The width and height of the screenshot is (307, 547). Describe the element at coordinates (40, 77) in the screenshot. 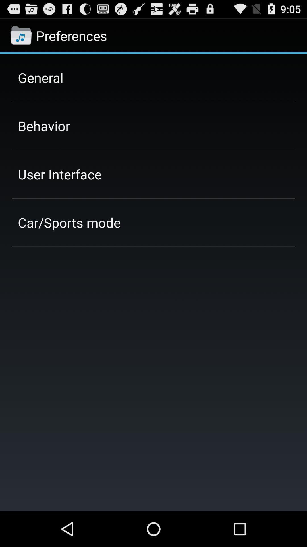

I see `app above behavior icon` at that location.